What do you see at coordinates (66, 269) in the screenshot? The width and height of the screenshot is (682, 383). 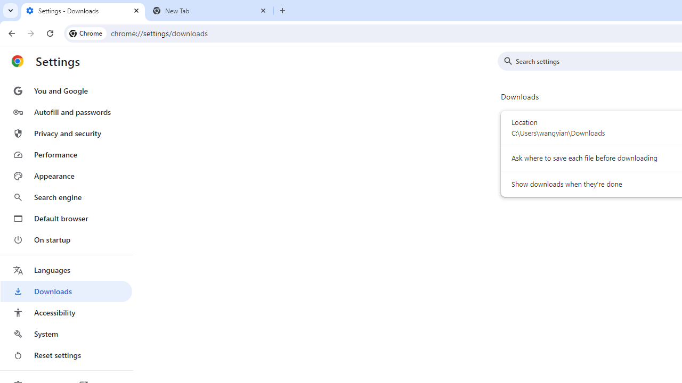 I see `'Languages'` at bounding box center [66, 269].